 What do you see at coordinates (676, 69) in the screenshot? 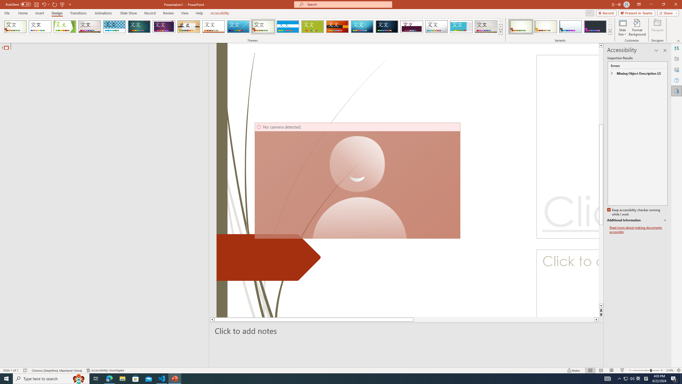
I see `'Alt Text'` at bounding box center [676, 69].